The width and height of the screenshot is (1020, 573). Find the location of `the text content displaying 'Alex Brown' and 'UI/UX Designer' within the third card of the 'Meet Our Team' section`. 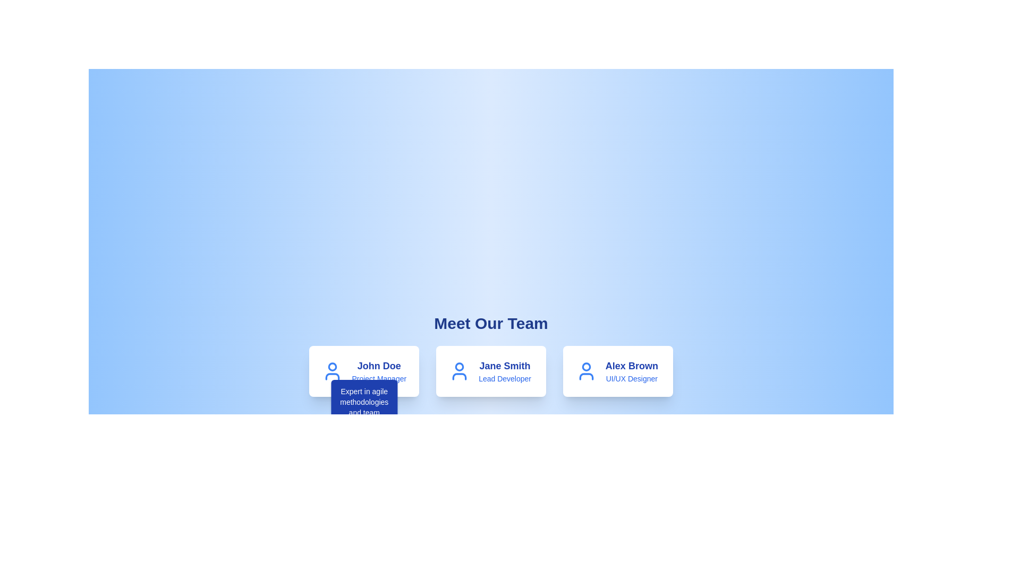

the text content displaying 'Alex Brown' and 'UI/UX Designer' within the third card of the 'Meet Our Team' section is located at coordinates (632, 370).